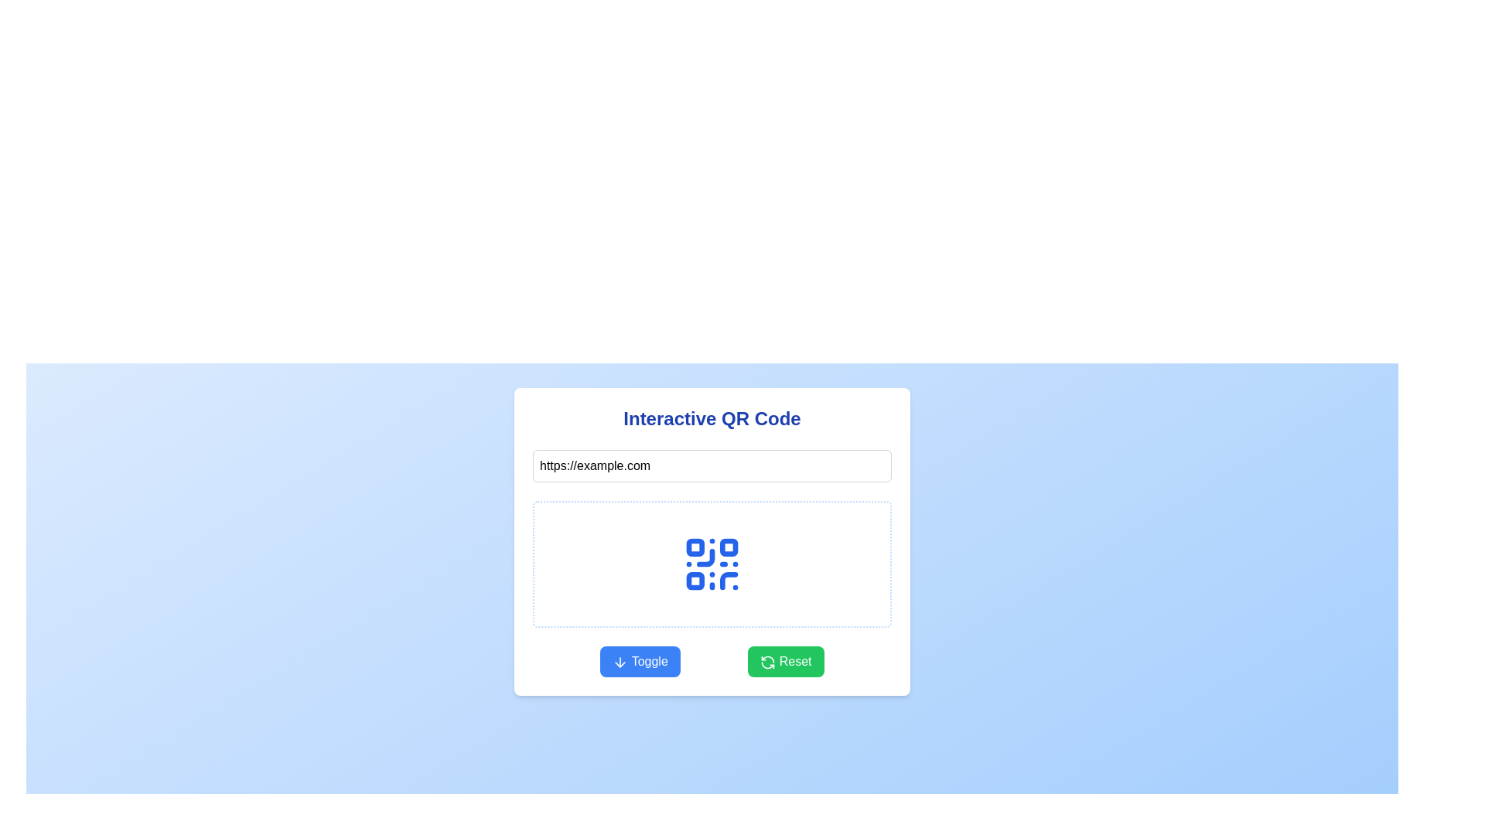  Describe the element at coordinates (620, 661) in the screenshot. I see `the arrow icon within the 'Toggle' button located at the bottom-left corner of the interactive QR Code interface to initiate the toggle action` at that location.